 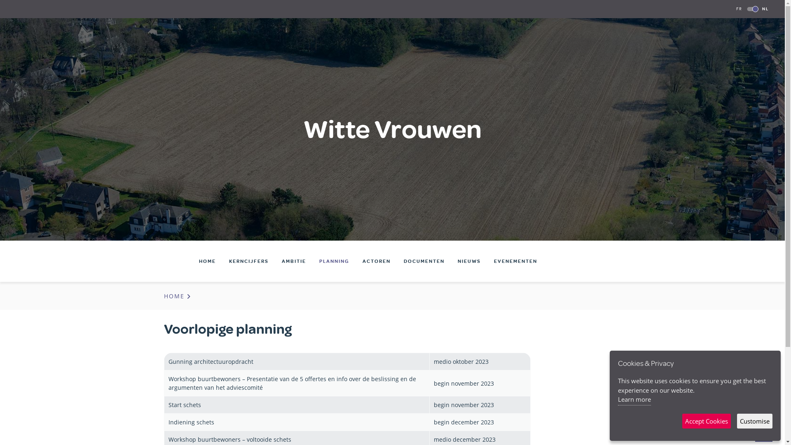 What do you see at coordinates (207, 261) in the screenshot?
I see `'HOME'` at bounding box center [207, 261].